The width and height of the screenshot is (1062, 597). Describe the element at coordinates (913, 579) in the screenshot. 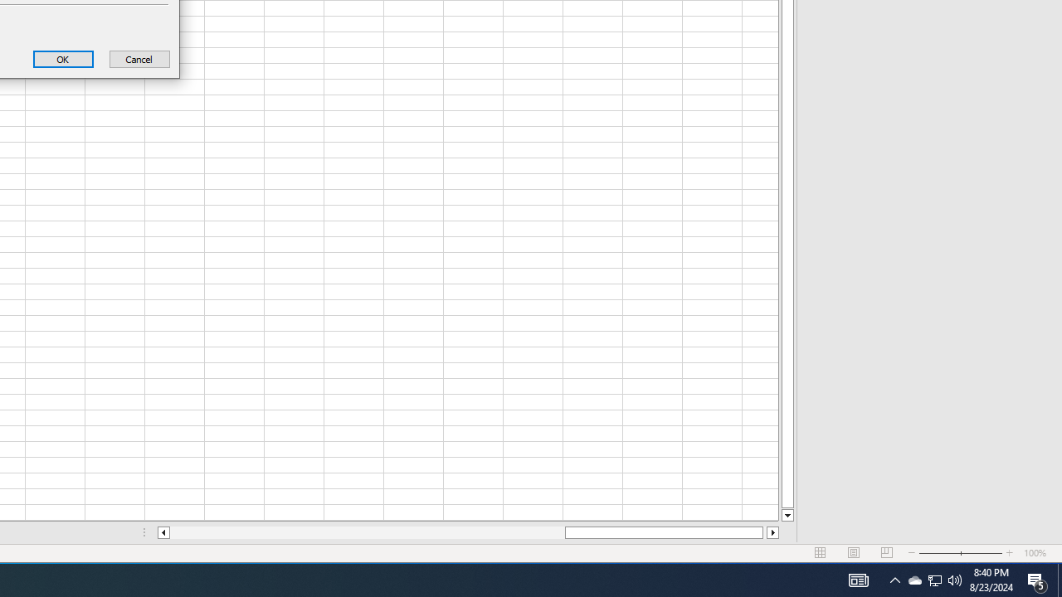

I see `'Notification Chevron'` at that location.